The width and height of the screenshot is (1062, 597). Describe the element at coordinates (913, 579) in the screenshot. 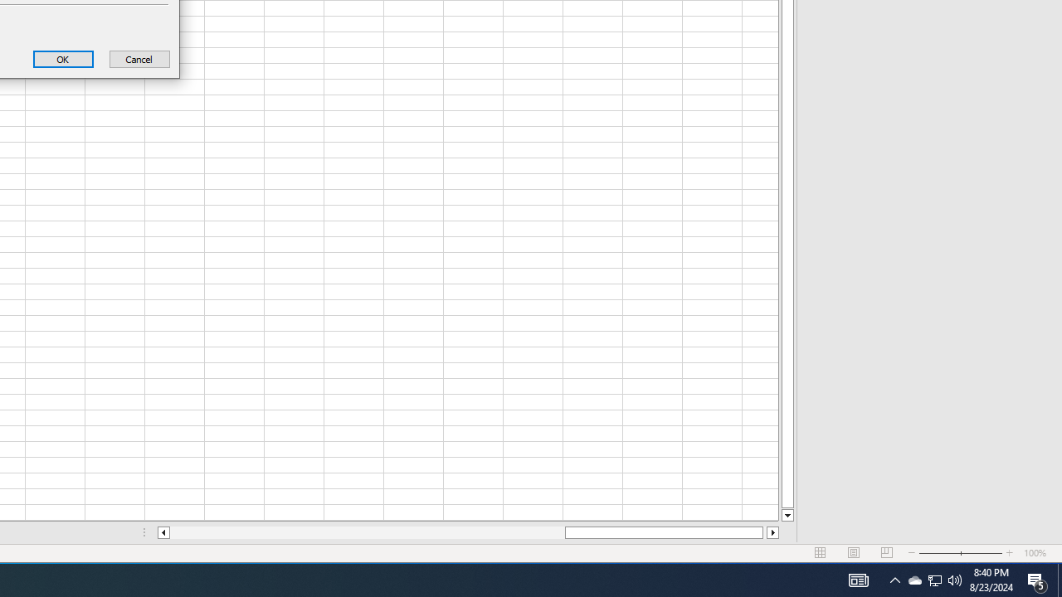

I see `'Notification Chevron'` at that location.